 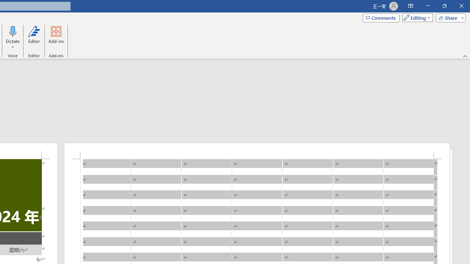 I want to click on 'Collapse the Ribbon', so click(x=465, y=56).